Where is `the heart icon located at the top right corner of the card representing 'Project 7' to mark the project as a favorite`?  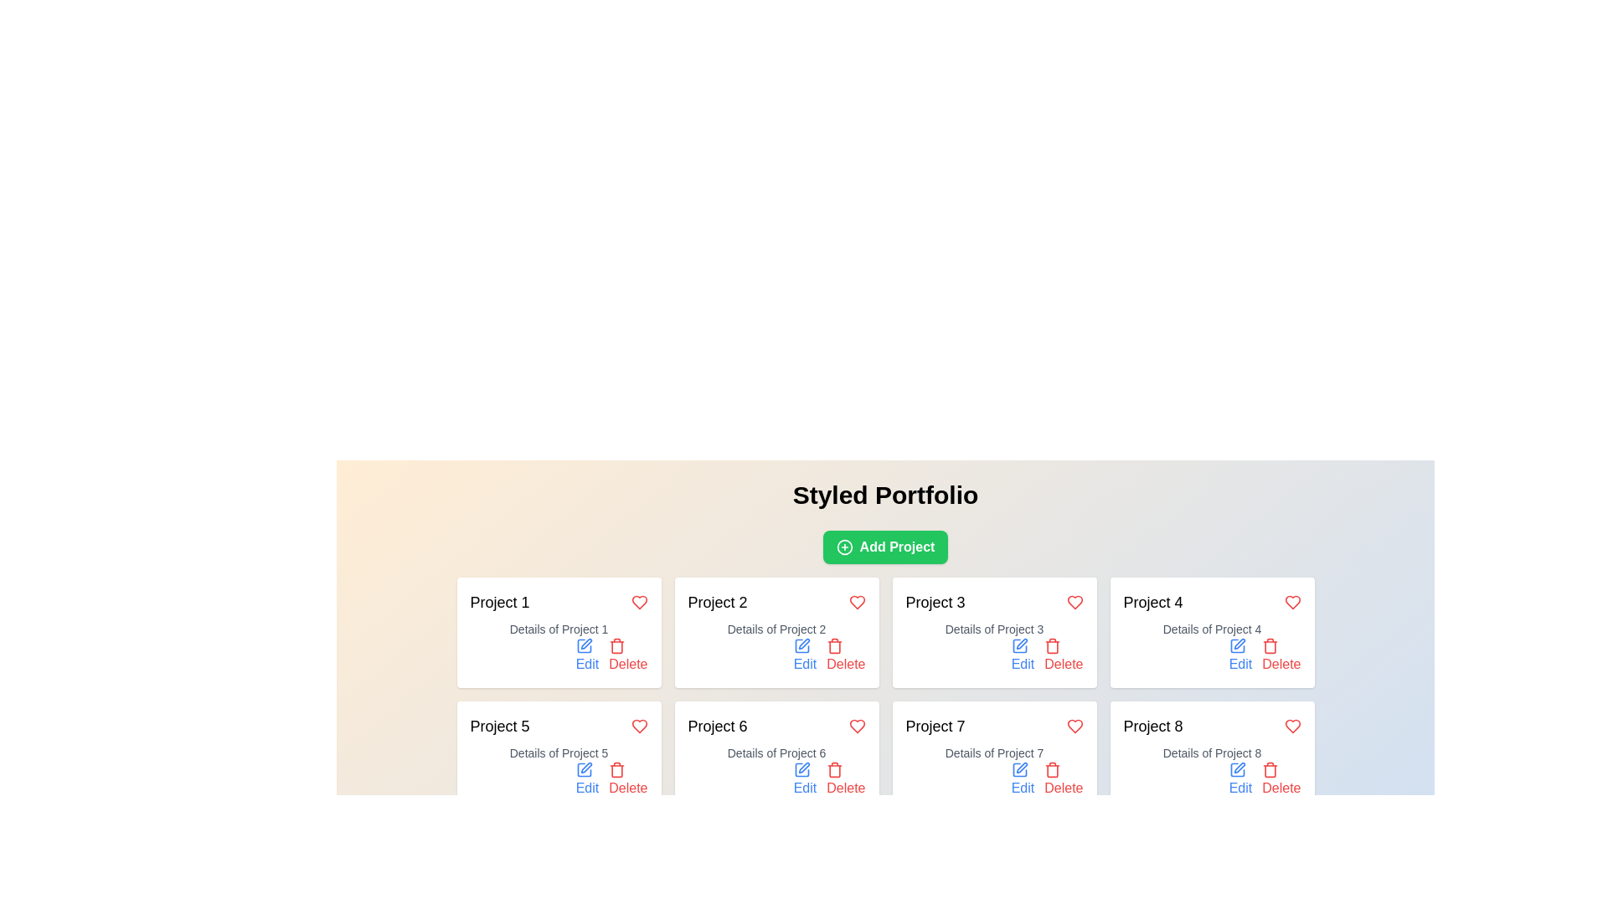
the heart icon located at the top right corner of the card representing 'Project 7' to mark the project as a favorite is located at coordinates (1075, 725).